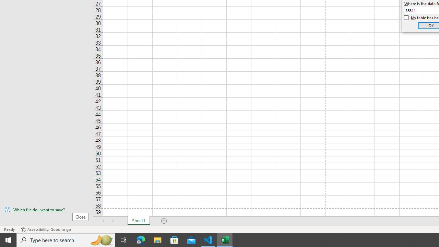 Image resolution: width=439 pixels, height=247 pixels. Describe the element at coordinates (103, 221) in the screenshot. I see `'Scroll Left'` at that location.